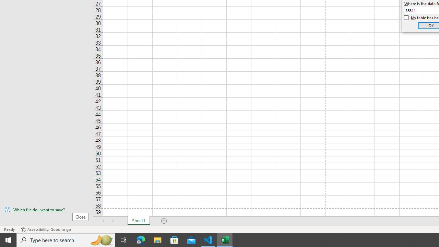 Image resolution: width=439 pixels, height=247 pixels. Describe the element at coordinates (103, 221) in the screenshot. I see `'Scroll Left'` at that location.